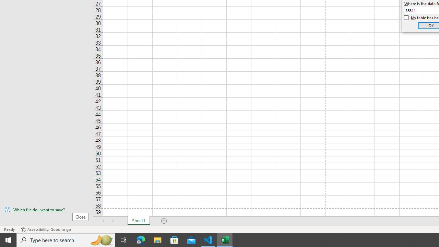 Image resolution: width=439 pixels, height=247 pixels. Describe the element at coordinates (103, 221) in the screenshot. I see `'Scroll Left'` at that location.